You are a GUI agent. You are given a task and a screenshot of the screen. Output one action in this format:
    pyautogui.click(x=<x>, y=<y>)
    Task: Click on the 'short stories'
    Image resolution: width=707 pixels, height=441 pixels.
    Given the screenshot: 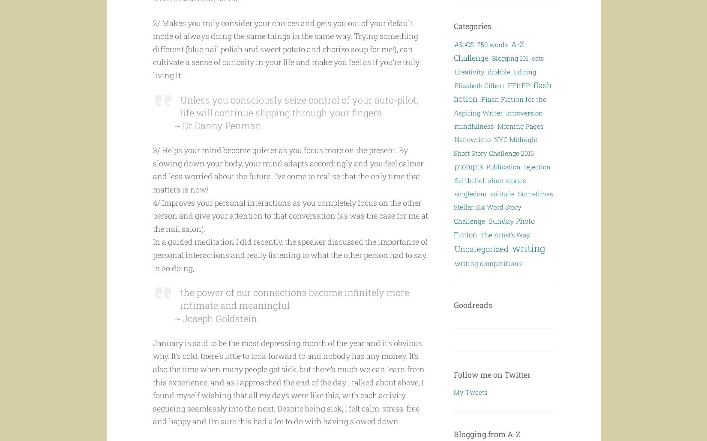 What is the action you would take?
    pyautogui.click(x=507, y=180)
    